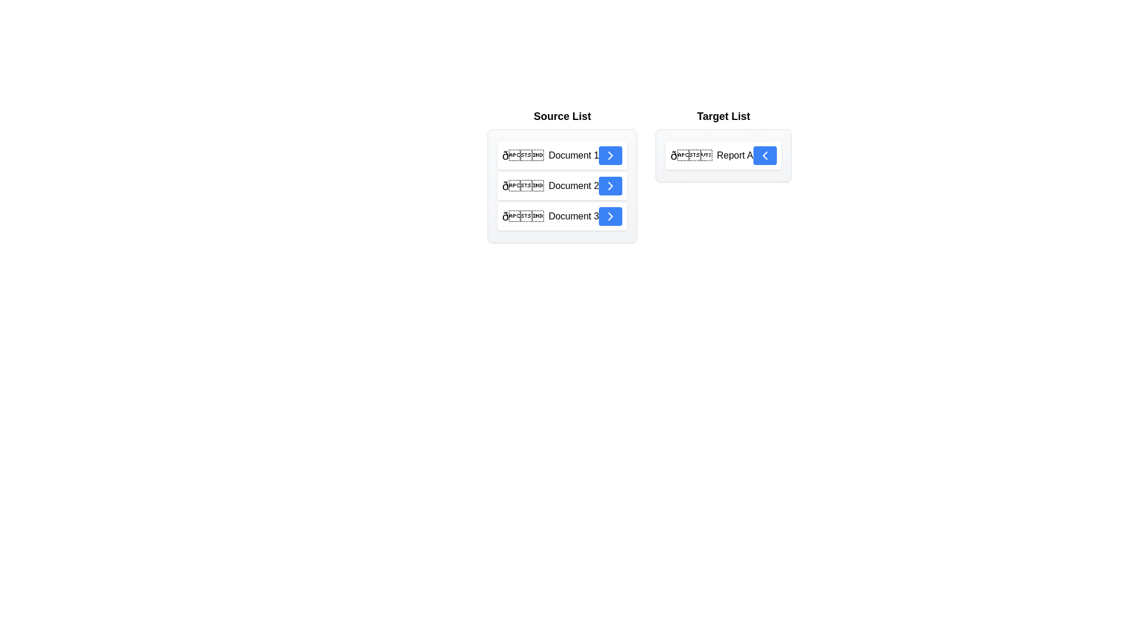 The height and width of the screenshot is (632, 1124). What do you see at coordinates (562, 155) in the screenshot?
I see `the item Document 1 in the Source List` at bounding box center [562, 155].